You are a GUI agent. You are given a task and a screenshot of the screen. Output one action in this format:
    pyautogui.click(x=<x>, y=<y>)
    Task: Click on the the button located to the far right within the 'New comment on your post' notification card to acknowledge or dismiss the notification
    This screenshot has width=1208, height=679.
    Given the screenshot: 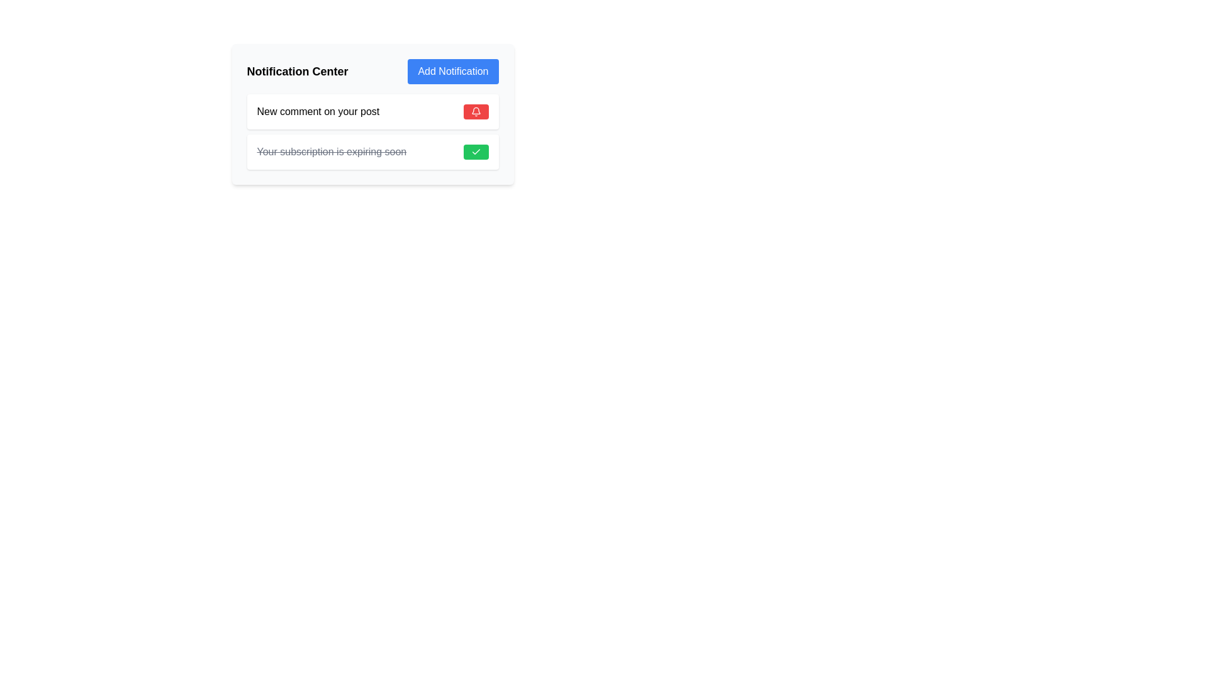 What is the action you would take?
    pyautogui.click(x=475, y=111)
    